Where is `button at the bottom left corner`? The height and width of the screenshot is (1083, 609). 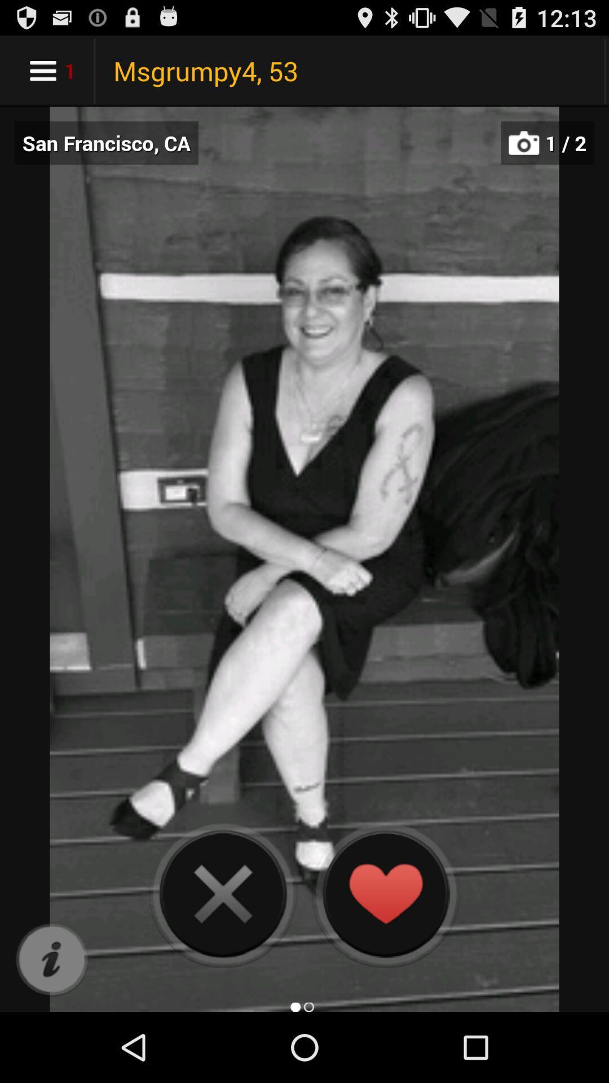 button at the bottom left corner is located at coordinates (51, 959).